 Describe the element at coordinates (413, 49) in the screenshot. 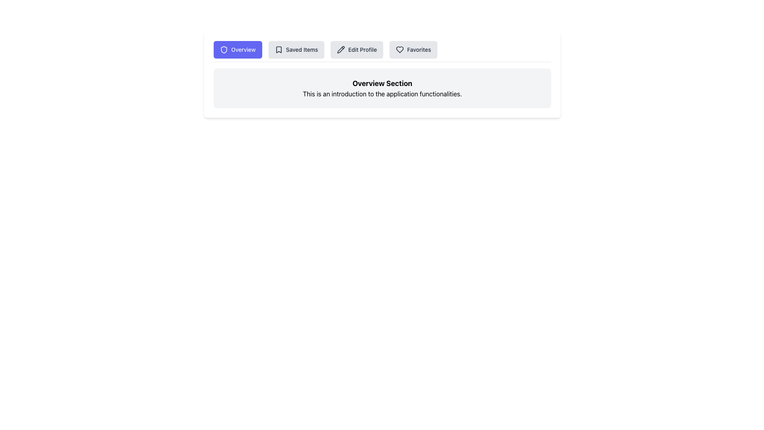

I see `the 'Favorites' button, which is characterized by a heart icon and rounded appearance` at that location.